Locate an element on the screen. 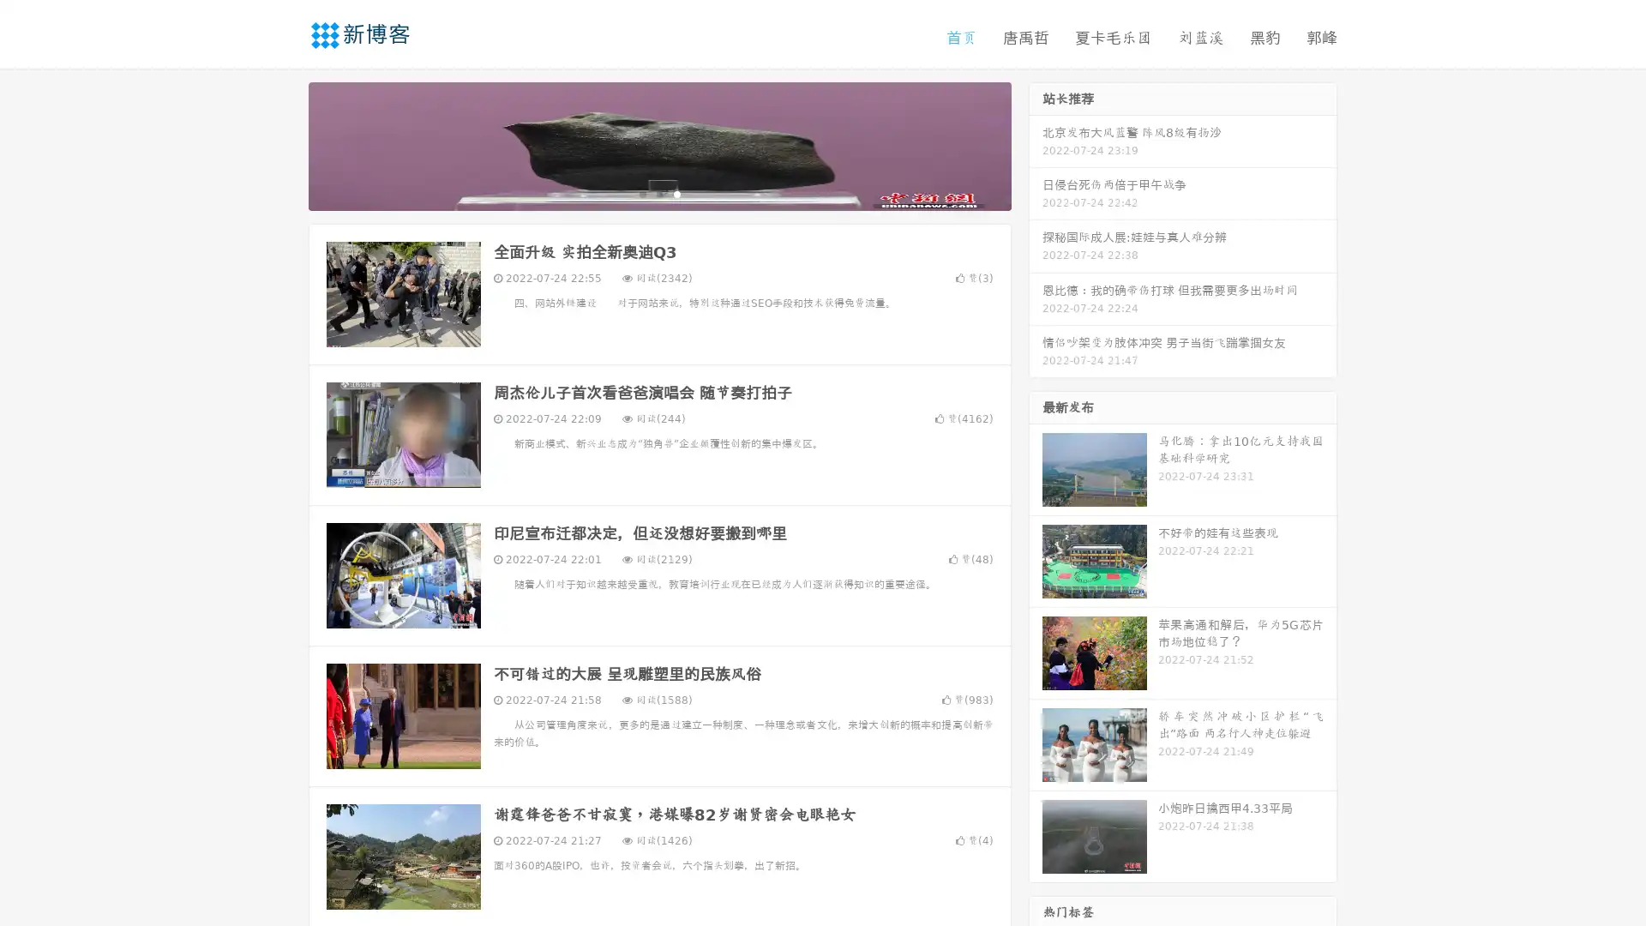 Image resolution: width=1646 pixels, height=926 pixels. Previous slide is located at coordinates (283, 144).